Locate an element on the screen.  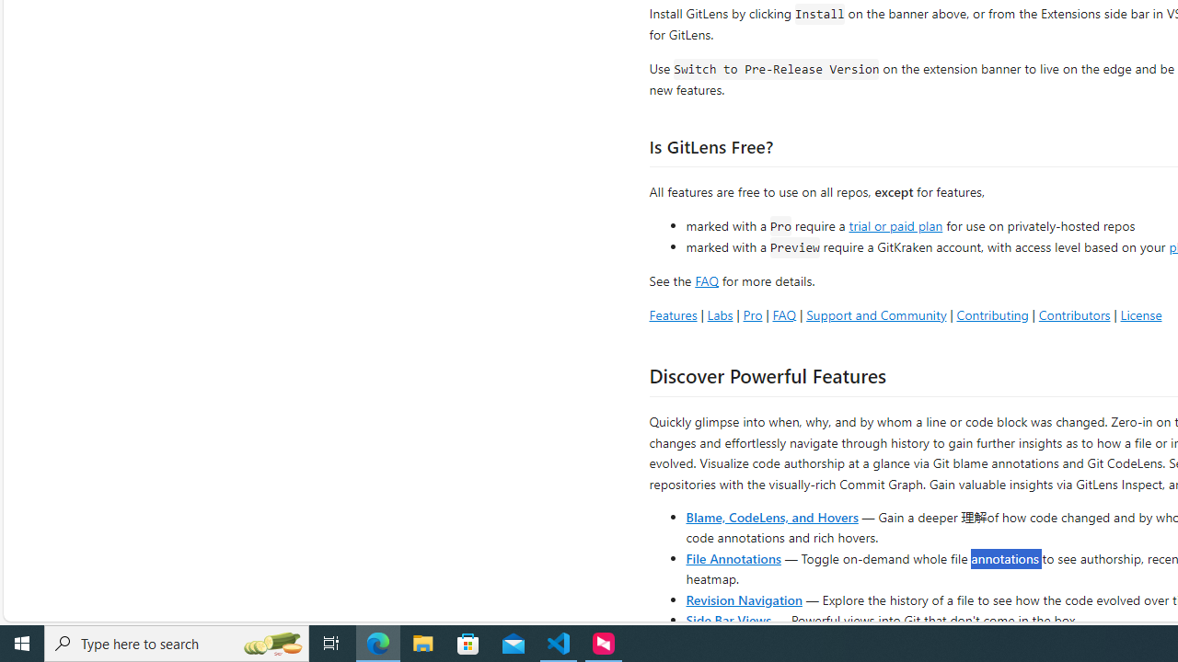
'Contributing' is located at coordinates (991, 314).